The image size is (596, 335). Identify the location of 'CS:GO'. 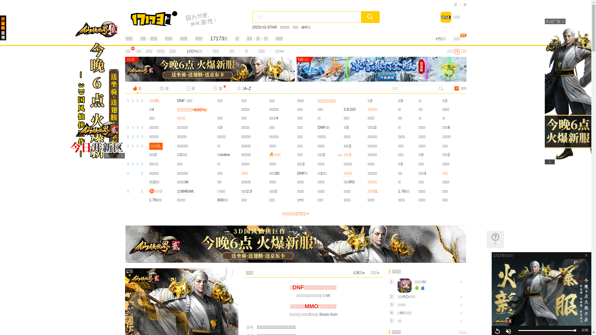
(344, 109).